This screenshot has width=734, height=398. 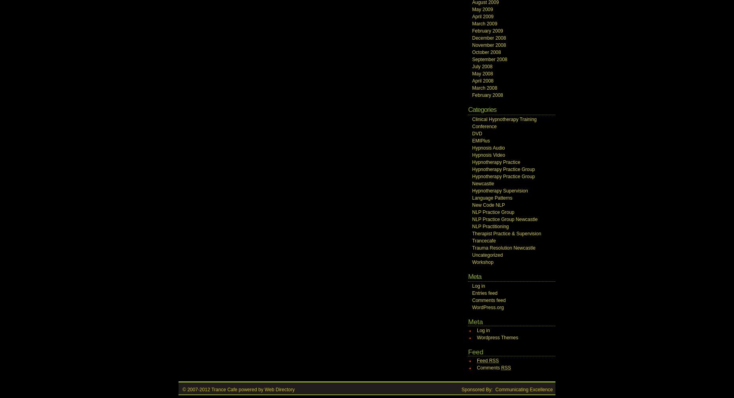 I want to click on 'November 2008', so click(x=471, y=44).